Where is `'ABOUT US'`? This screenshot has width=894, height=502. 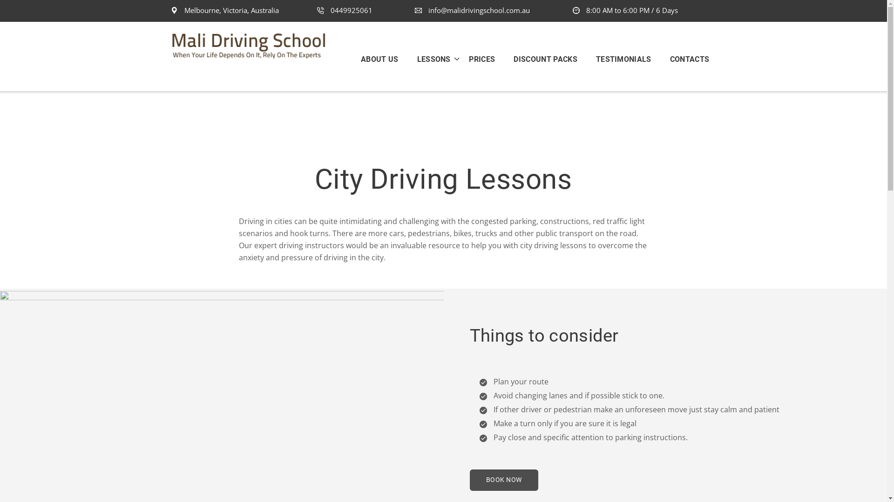
'ABOUT US' is located at coordinates (384, 59).